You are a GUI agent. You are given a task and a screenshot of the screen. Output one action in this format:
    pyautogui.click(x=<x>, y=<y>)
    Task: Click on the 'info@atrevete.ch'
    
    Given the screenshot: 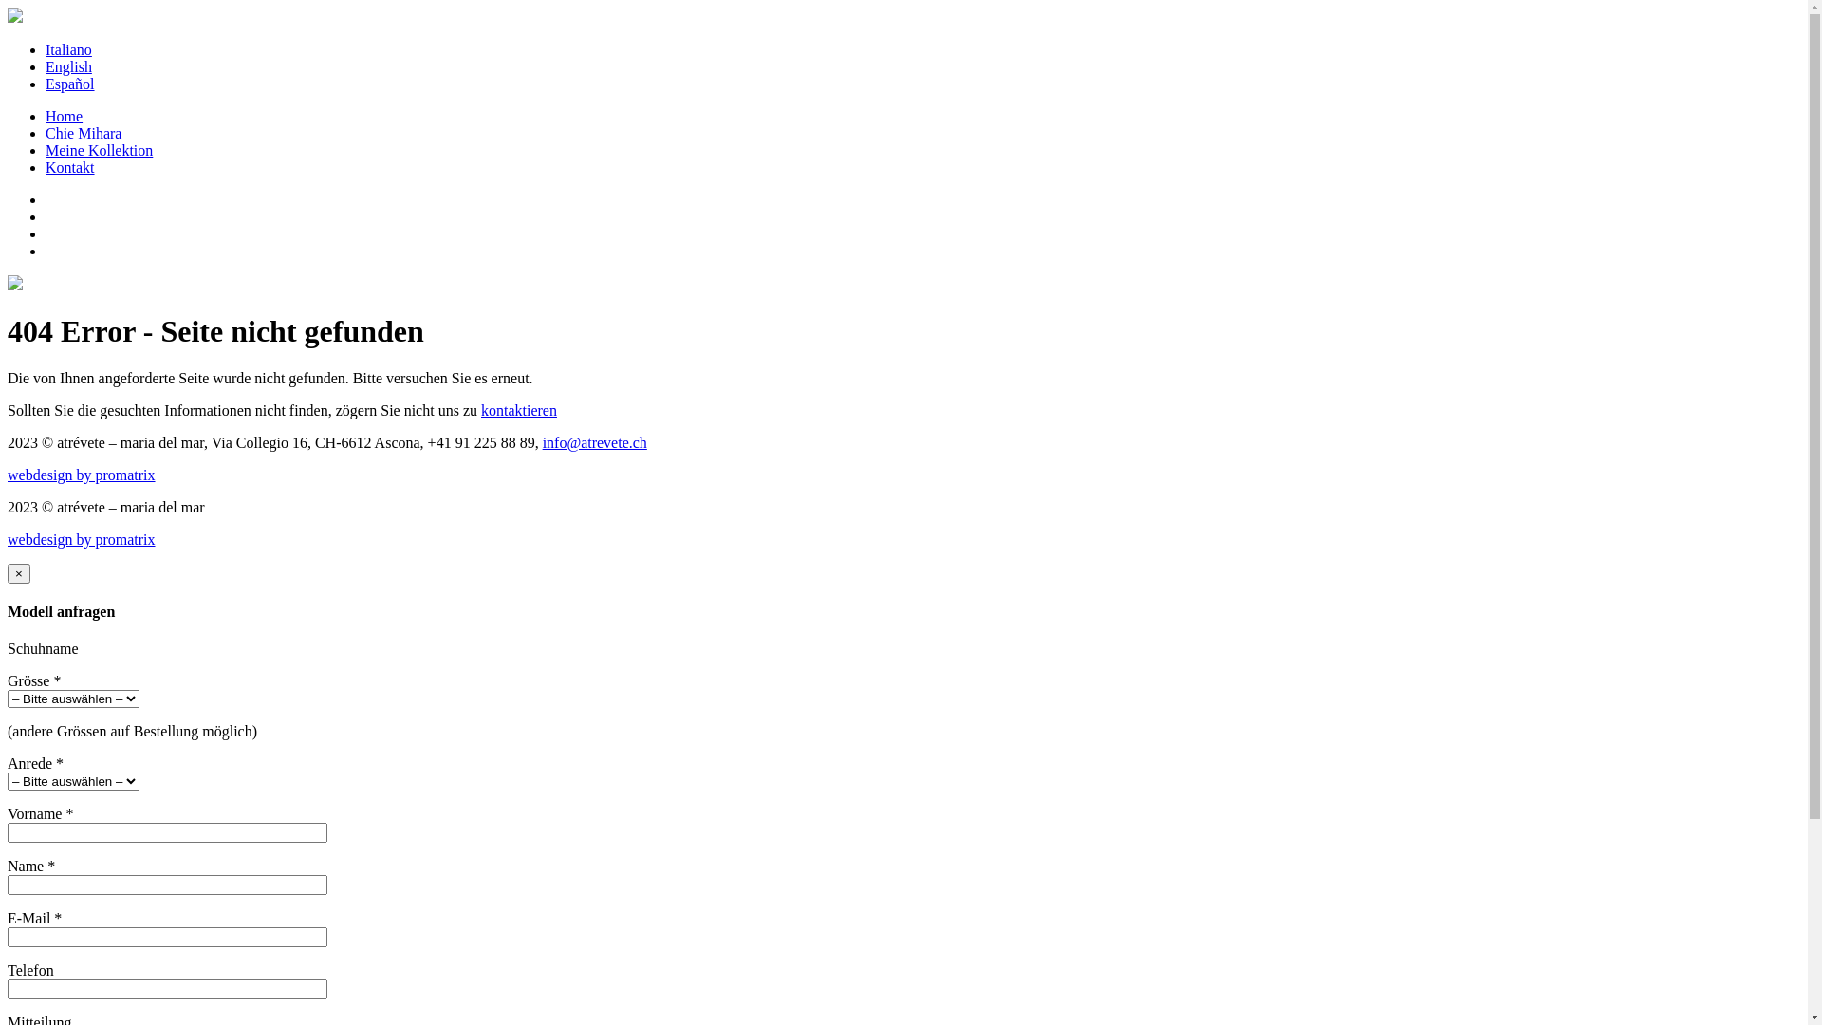 What is the action you would take?
    pyautogui.click(x=594, y=442)
    